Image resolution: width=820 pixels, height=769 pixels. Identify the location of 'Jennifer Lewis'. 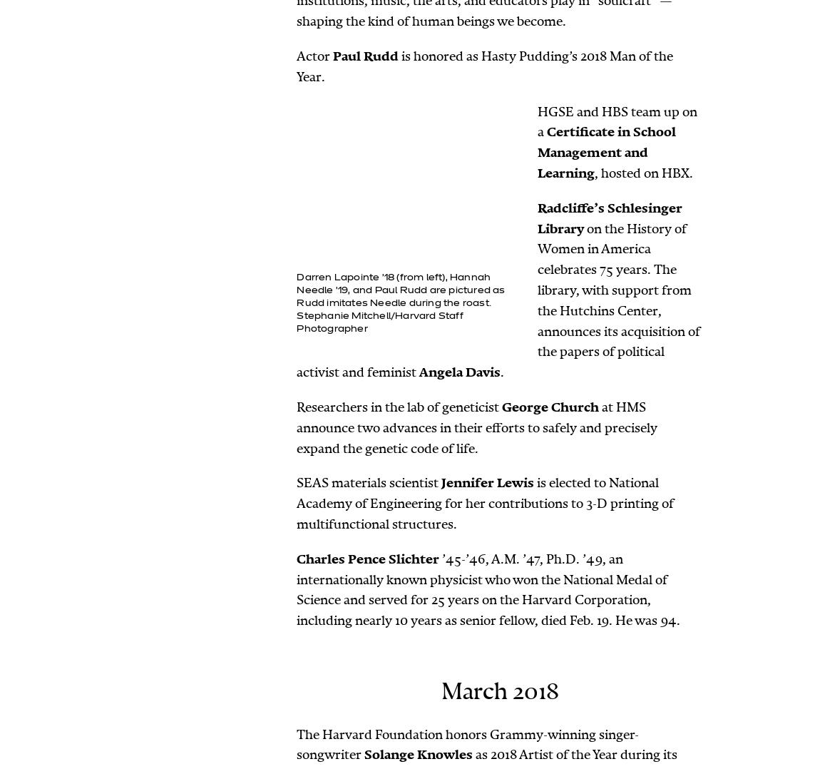
(487, 482).